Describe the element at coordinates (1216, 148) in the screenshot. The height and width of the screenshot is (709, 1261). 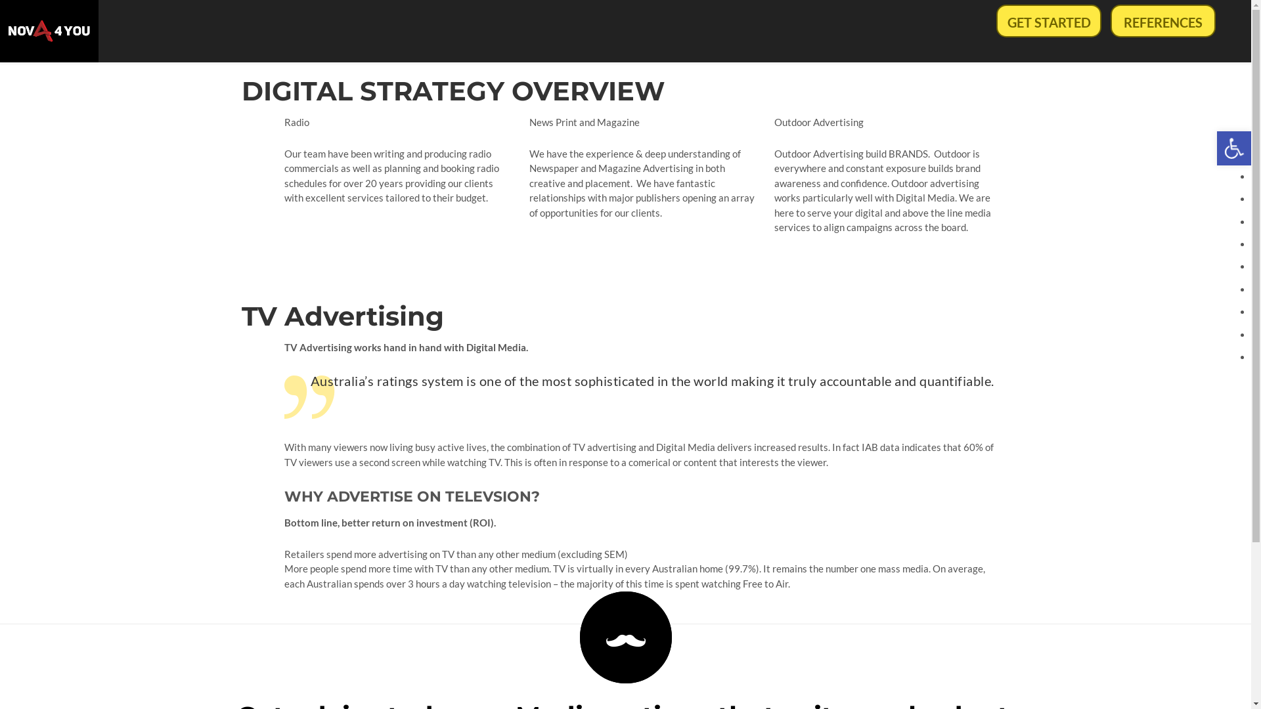
I see `'Open toolbar'` at that location.